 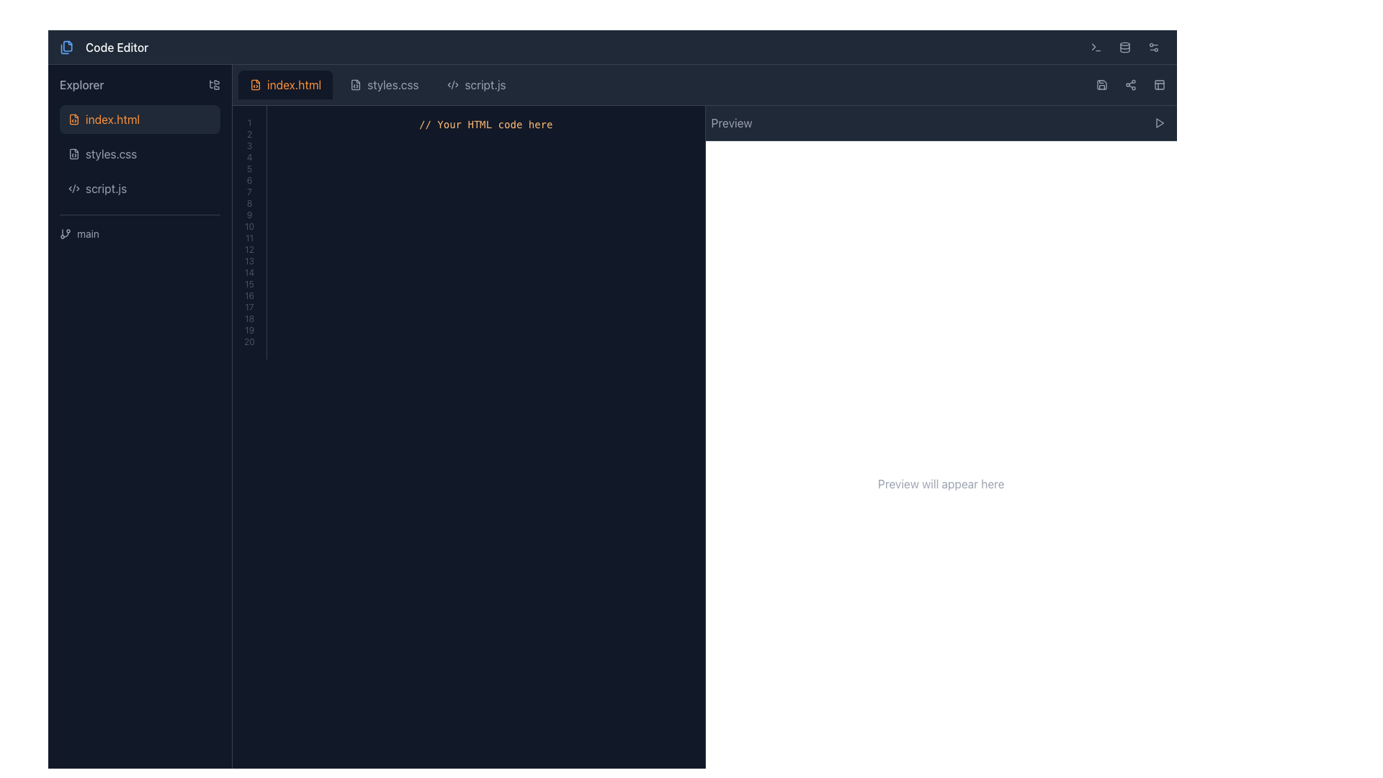 What do you see at coordinates (393, 85) in the screenshot?
I see `the 'styles.css' tab in the navigation bar` at bounding box center [393, 85].